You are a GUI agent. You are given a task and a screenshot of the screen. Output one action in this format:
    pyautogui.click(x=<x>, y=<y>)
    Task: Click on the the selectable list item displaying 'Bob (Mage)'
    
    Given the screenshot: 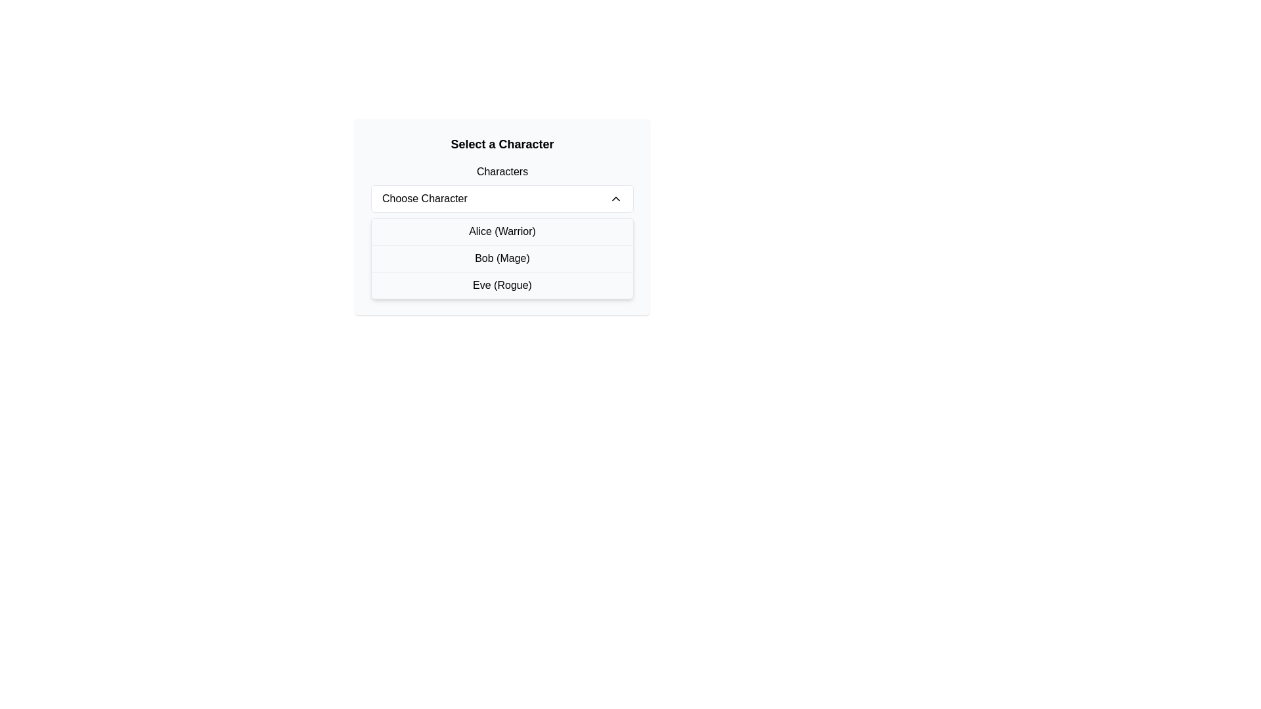 What is the action you would take?
    pyautogui.click(x=501, y=258)
    